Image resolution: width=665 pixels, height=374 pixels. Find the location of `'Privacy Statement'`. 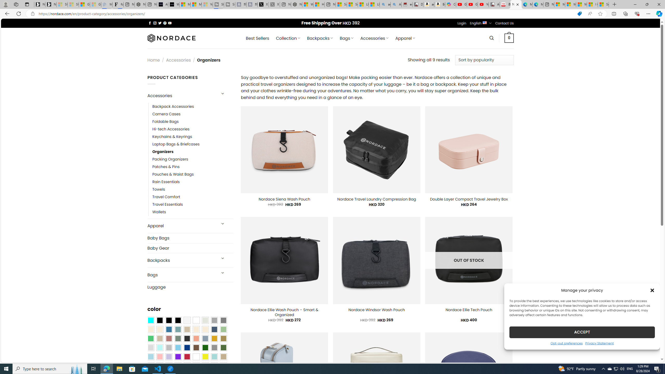

'Privacy Statement' is located at coordinates (599, 343).